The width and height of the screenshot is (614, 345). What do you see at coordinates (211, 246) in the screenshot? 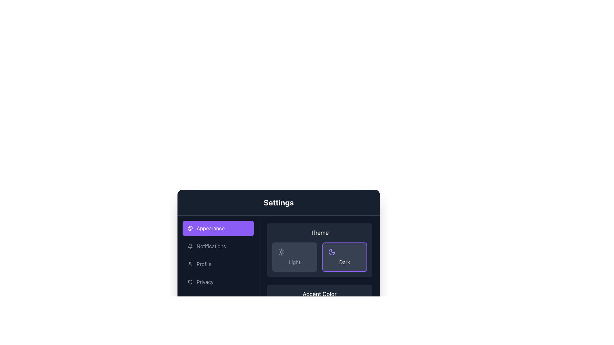
I see `text content of the label located in the left menu panel below the 'Appearance' section, which is the first textual item in a list beneath a purple-highlighted option` at bounding box center [211, 246].